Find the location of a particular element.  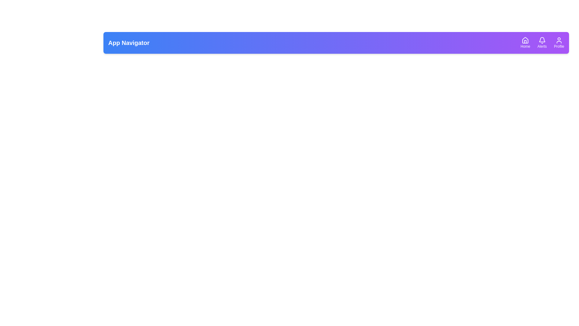

the first button with an icon and label on the right side of the navigation bar is located at coordinates (525, 43).